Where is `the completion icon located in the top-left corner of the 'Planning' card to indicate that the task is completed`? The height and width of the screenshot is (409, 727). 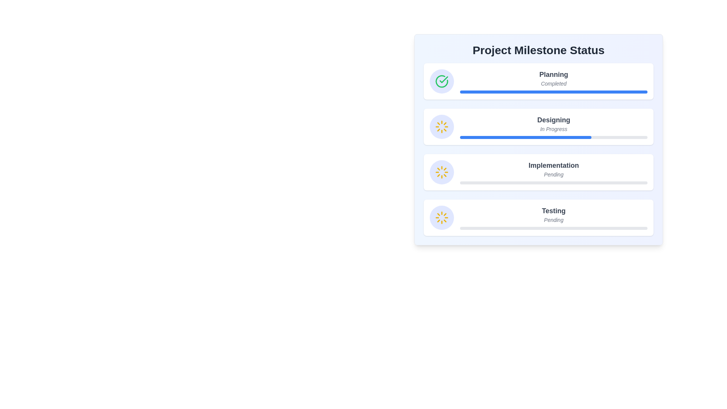
the completion icon located in the top-left corner of the 'Planning' card to indicate that the task is completed is located at coordinates (442, 81).